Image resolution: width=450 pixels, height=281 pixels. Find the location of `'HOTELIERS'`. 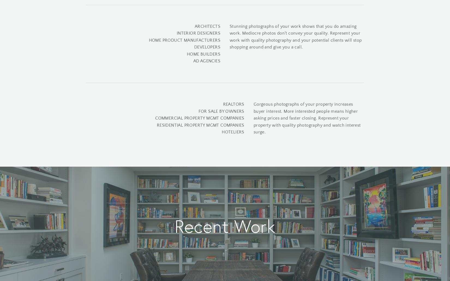

'HOTELIERS' is located at coordinates (221, 132).